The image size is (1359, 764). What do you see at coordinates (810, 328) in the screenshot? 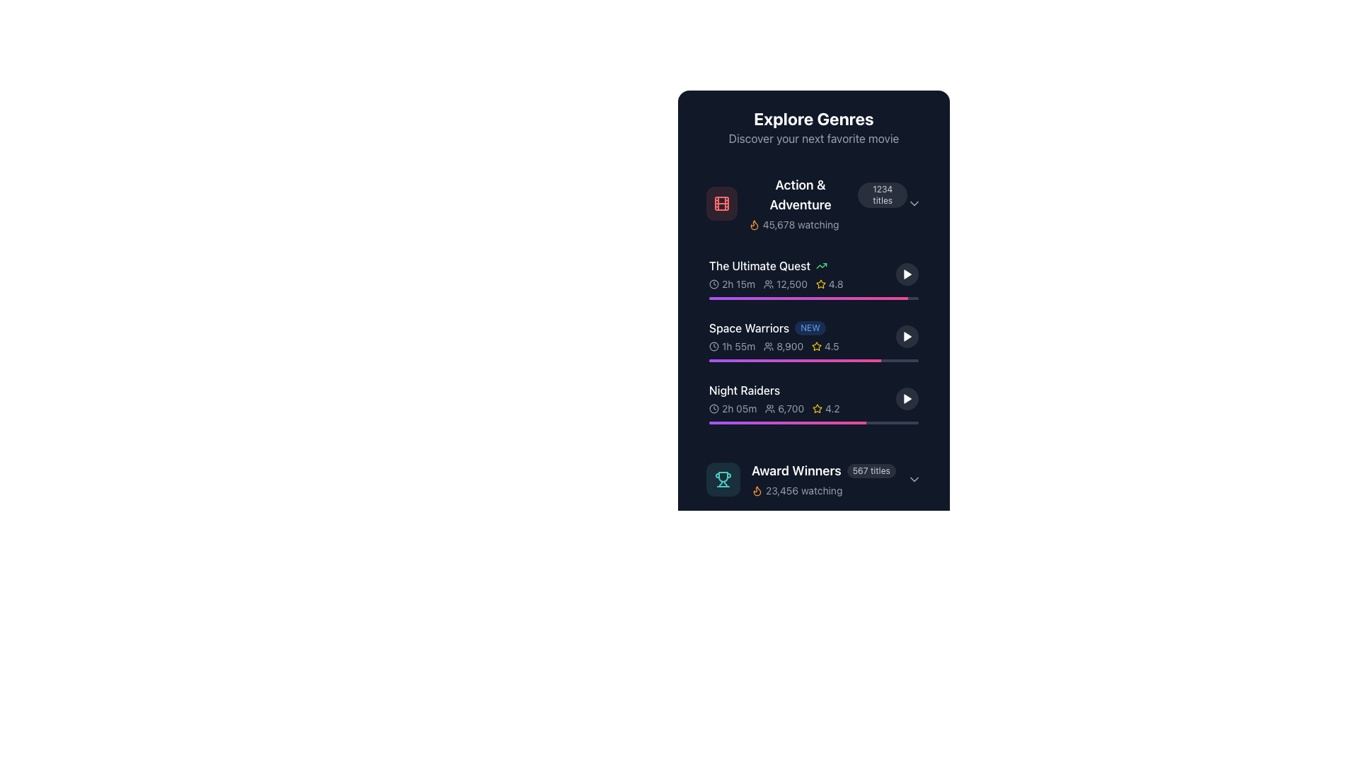
I see `badge indicating that 'Space Warriors' is newly added or featured, located to the right of the text within the second entry of the listing` at bounding box center [810, 328].